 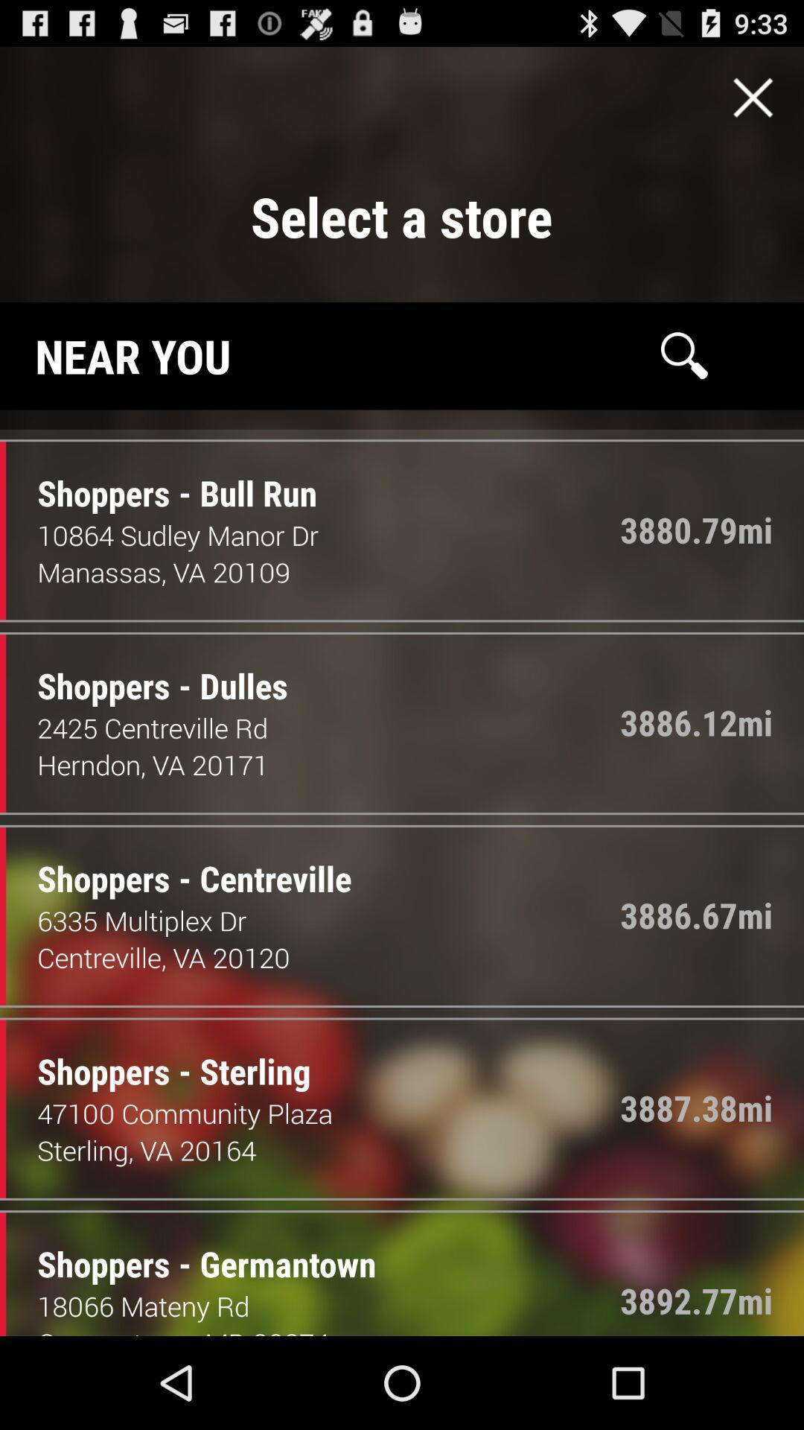 I want to click on the shoppers - bull run, so click(x=165, y=478).